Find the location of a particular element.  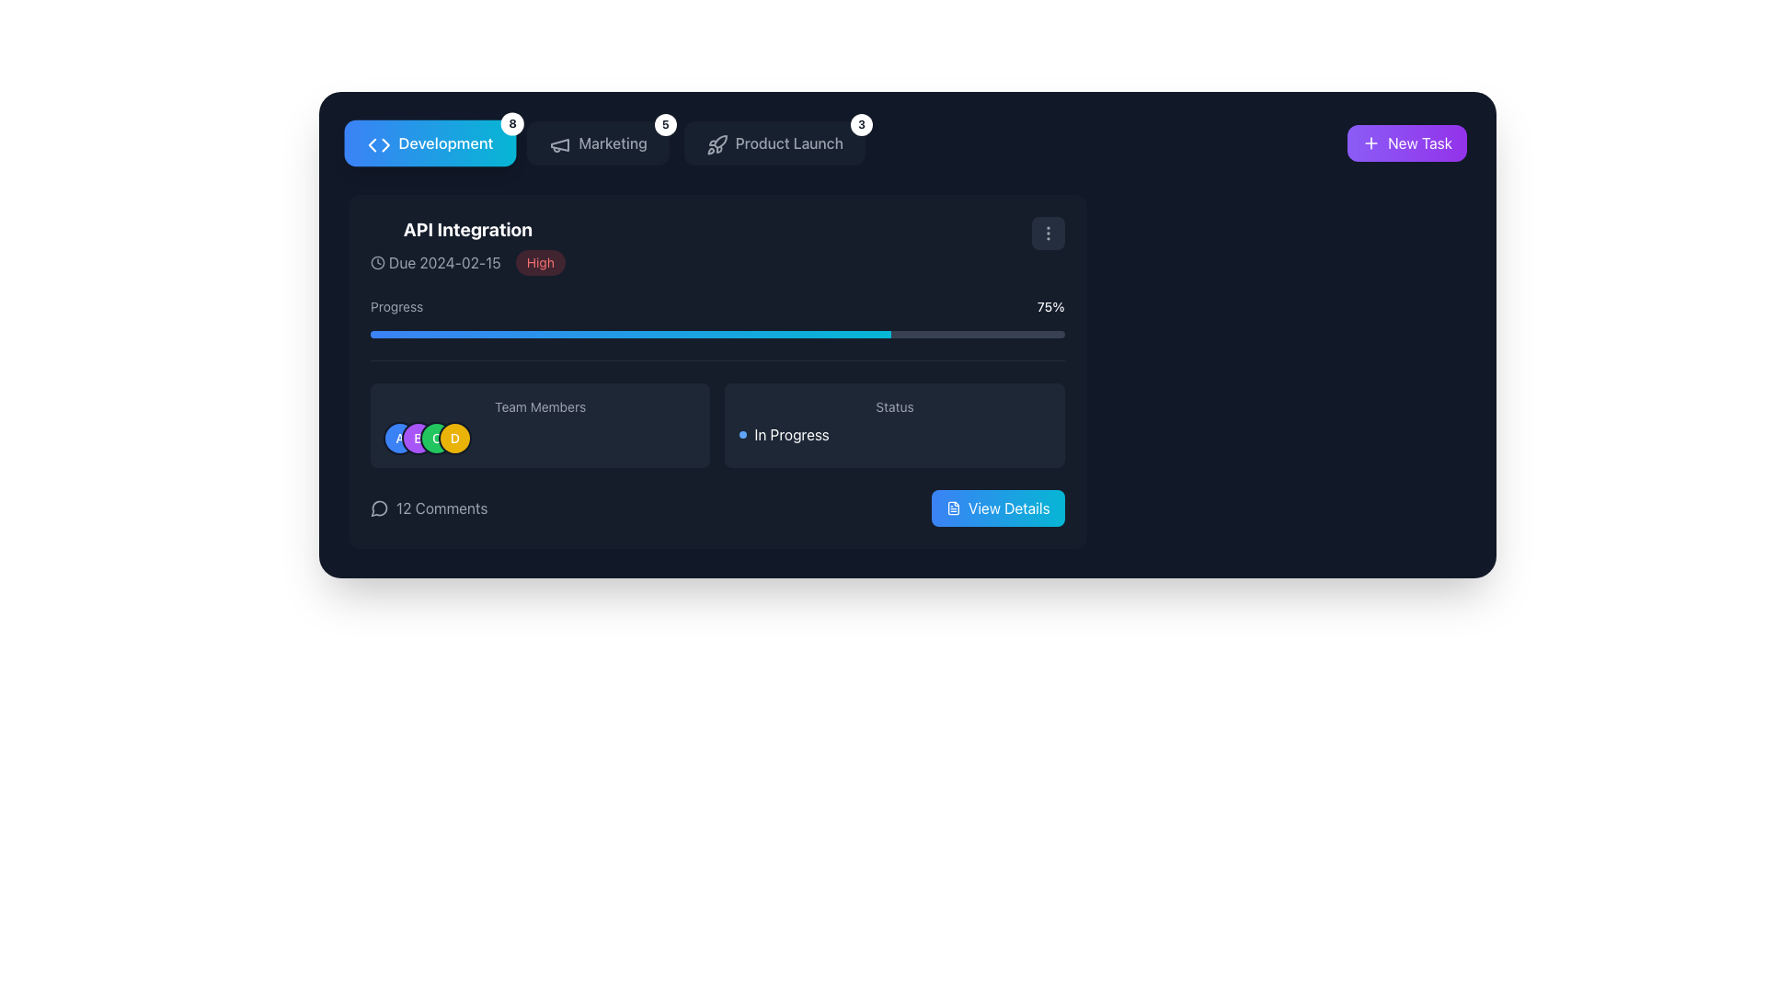

the rocket icon located in the navigation bar, positioned between the 'Marketing' envelope icon and the text '3' is located at coordinates (716, 144).